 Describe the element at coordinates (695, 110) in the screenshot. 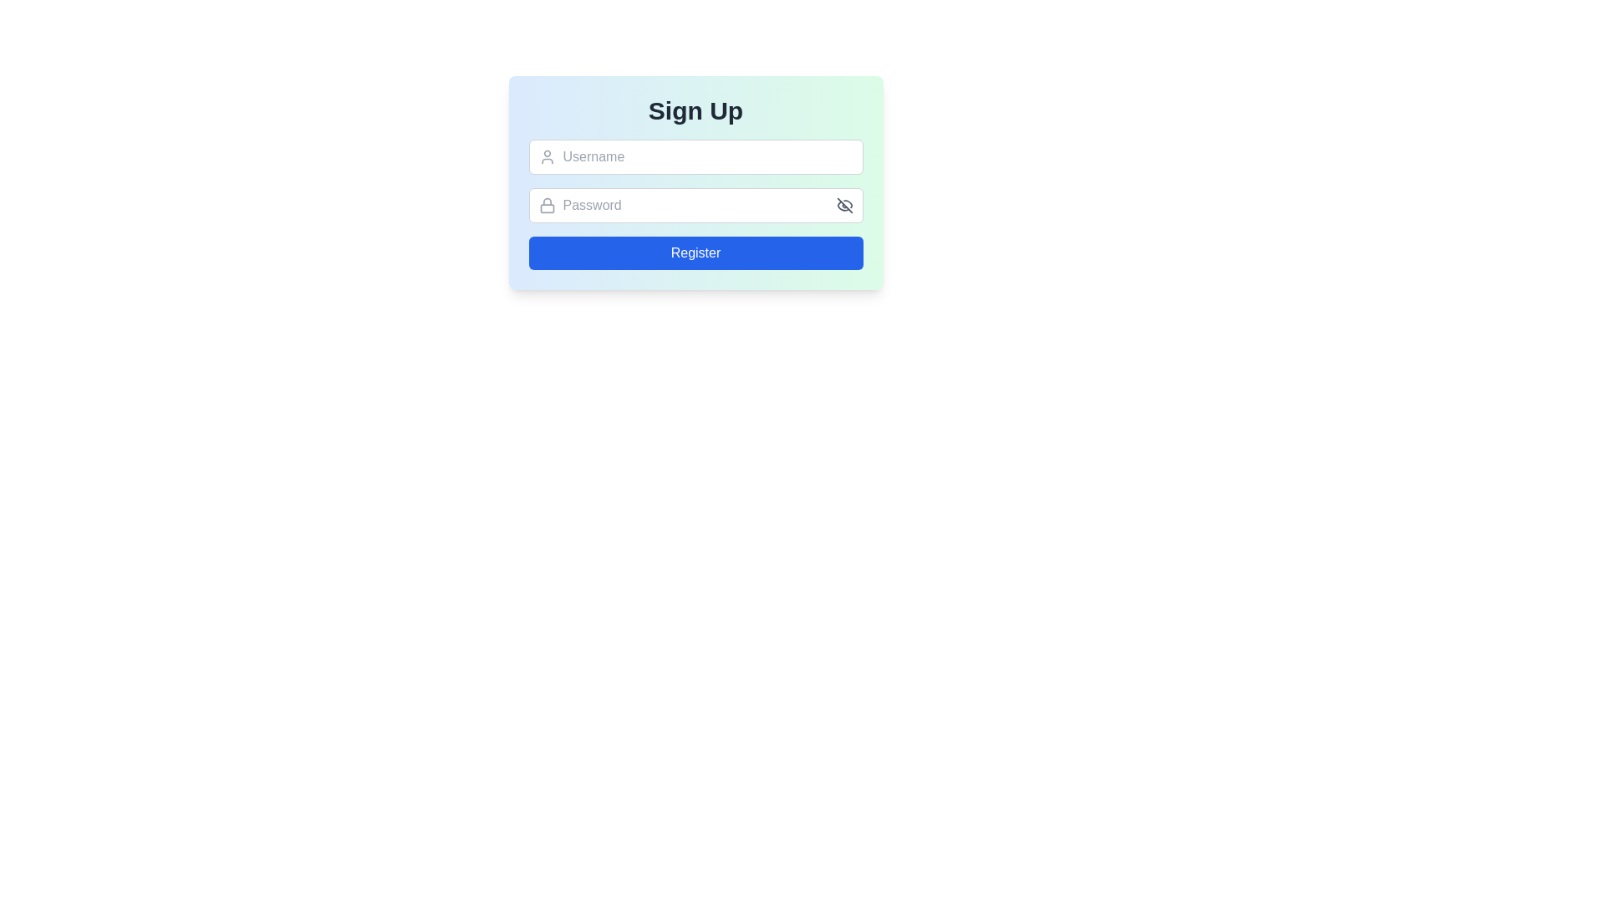

I see `the 'Sign Up' static header, which is a bold and large text in dark gray color, centered at the top of the form` at that location.